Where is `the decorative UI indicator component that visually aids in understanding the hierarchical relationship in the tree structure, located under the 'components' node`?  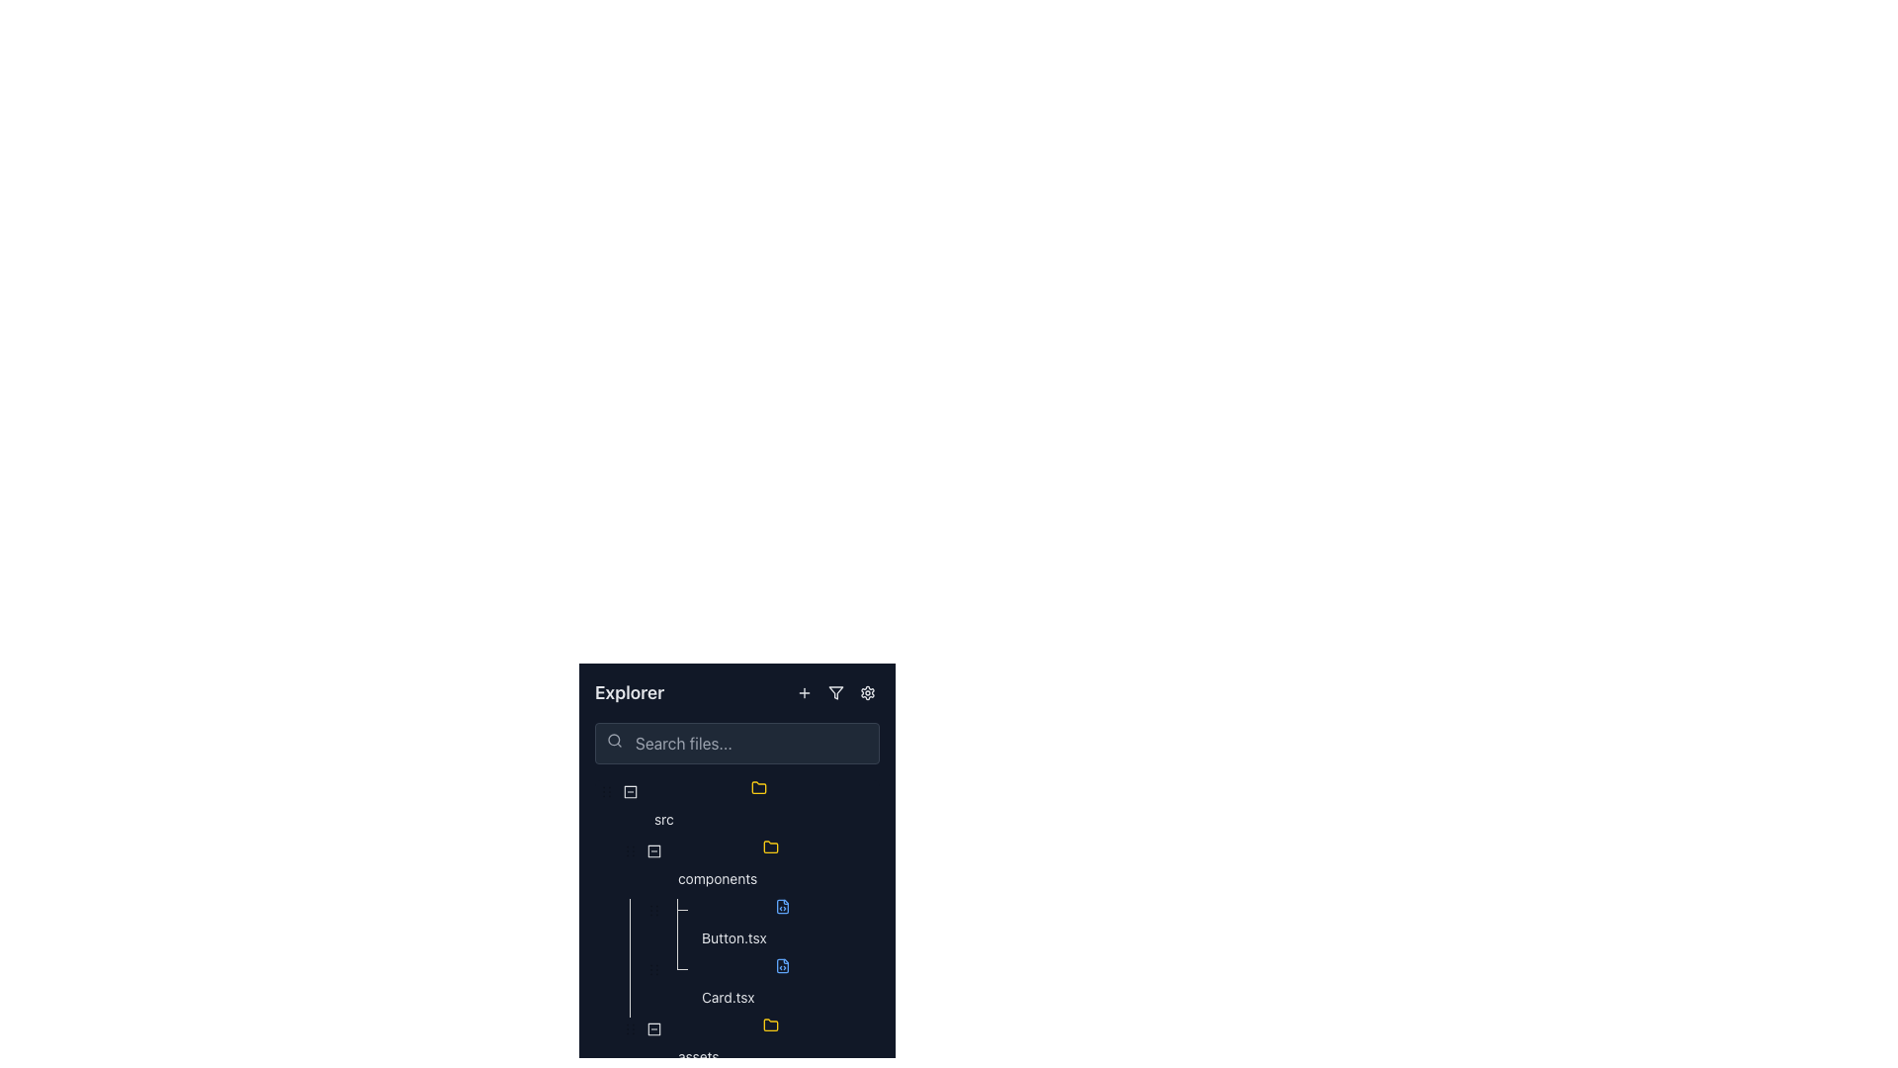
the decorative UI indicator component that visually aids in understanding the hierarchical relationship in the tree structure, located under the 'components' node is located at coordinates (606, 985).